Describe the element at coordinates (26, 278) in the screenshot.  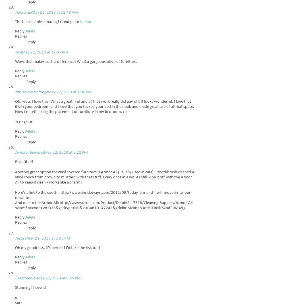
I see `'Evergreenley'` at that location.